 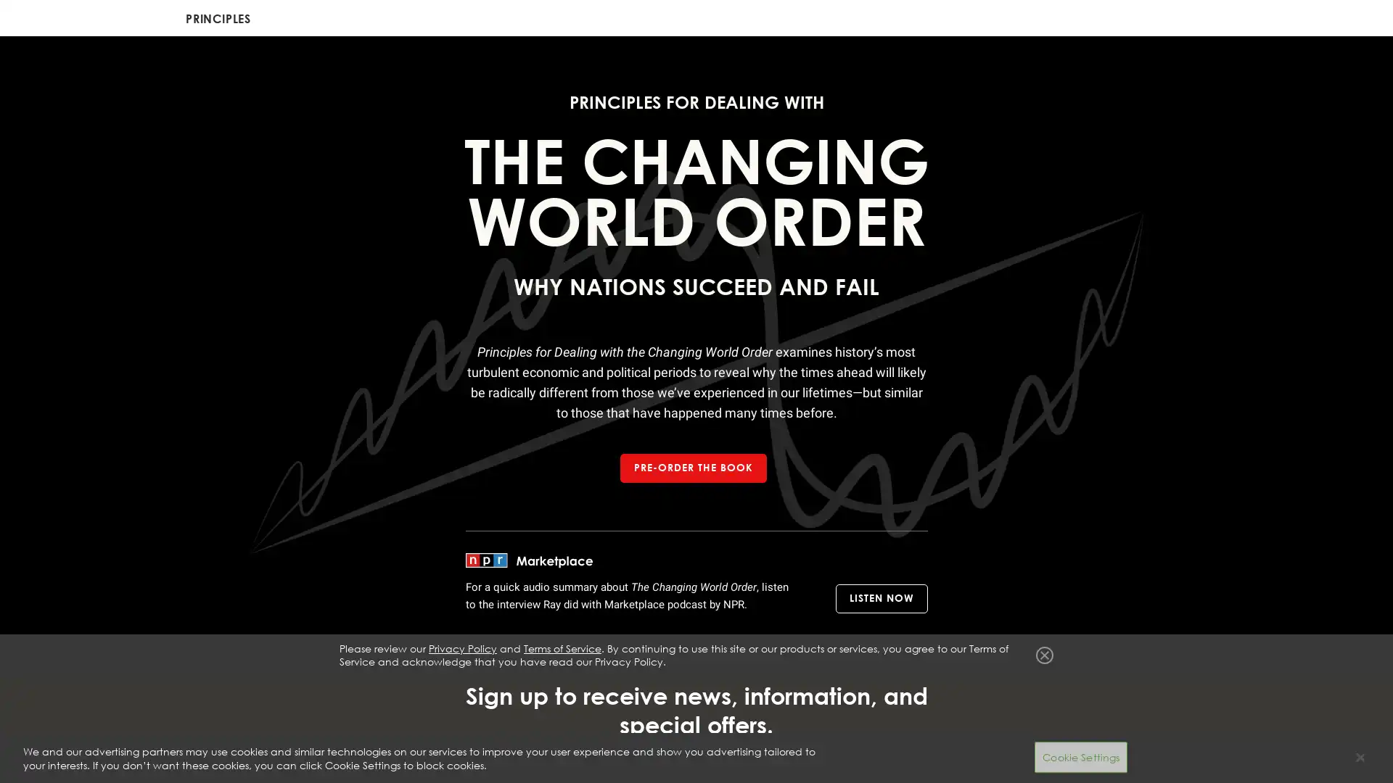 I want to click on Cookie Settings, so click(x=1080, y=756).